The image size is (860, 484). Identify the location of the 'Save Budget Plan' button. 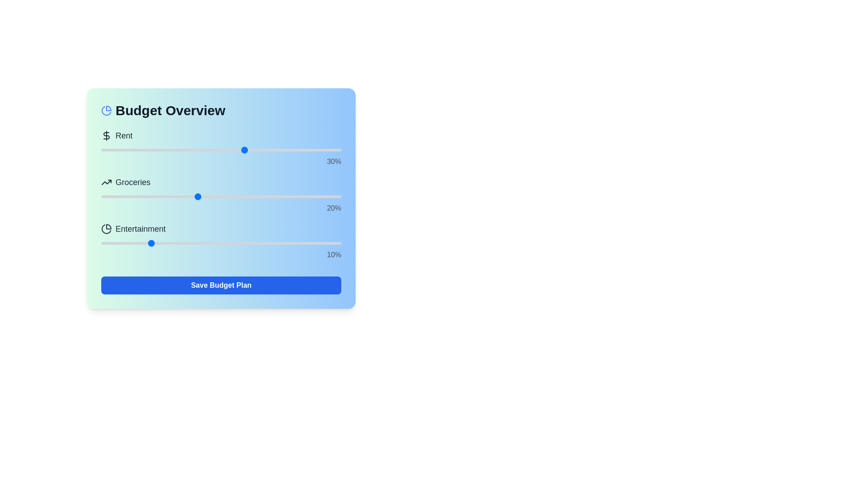
(221, 285).